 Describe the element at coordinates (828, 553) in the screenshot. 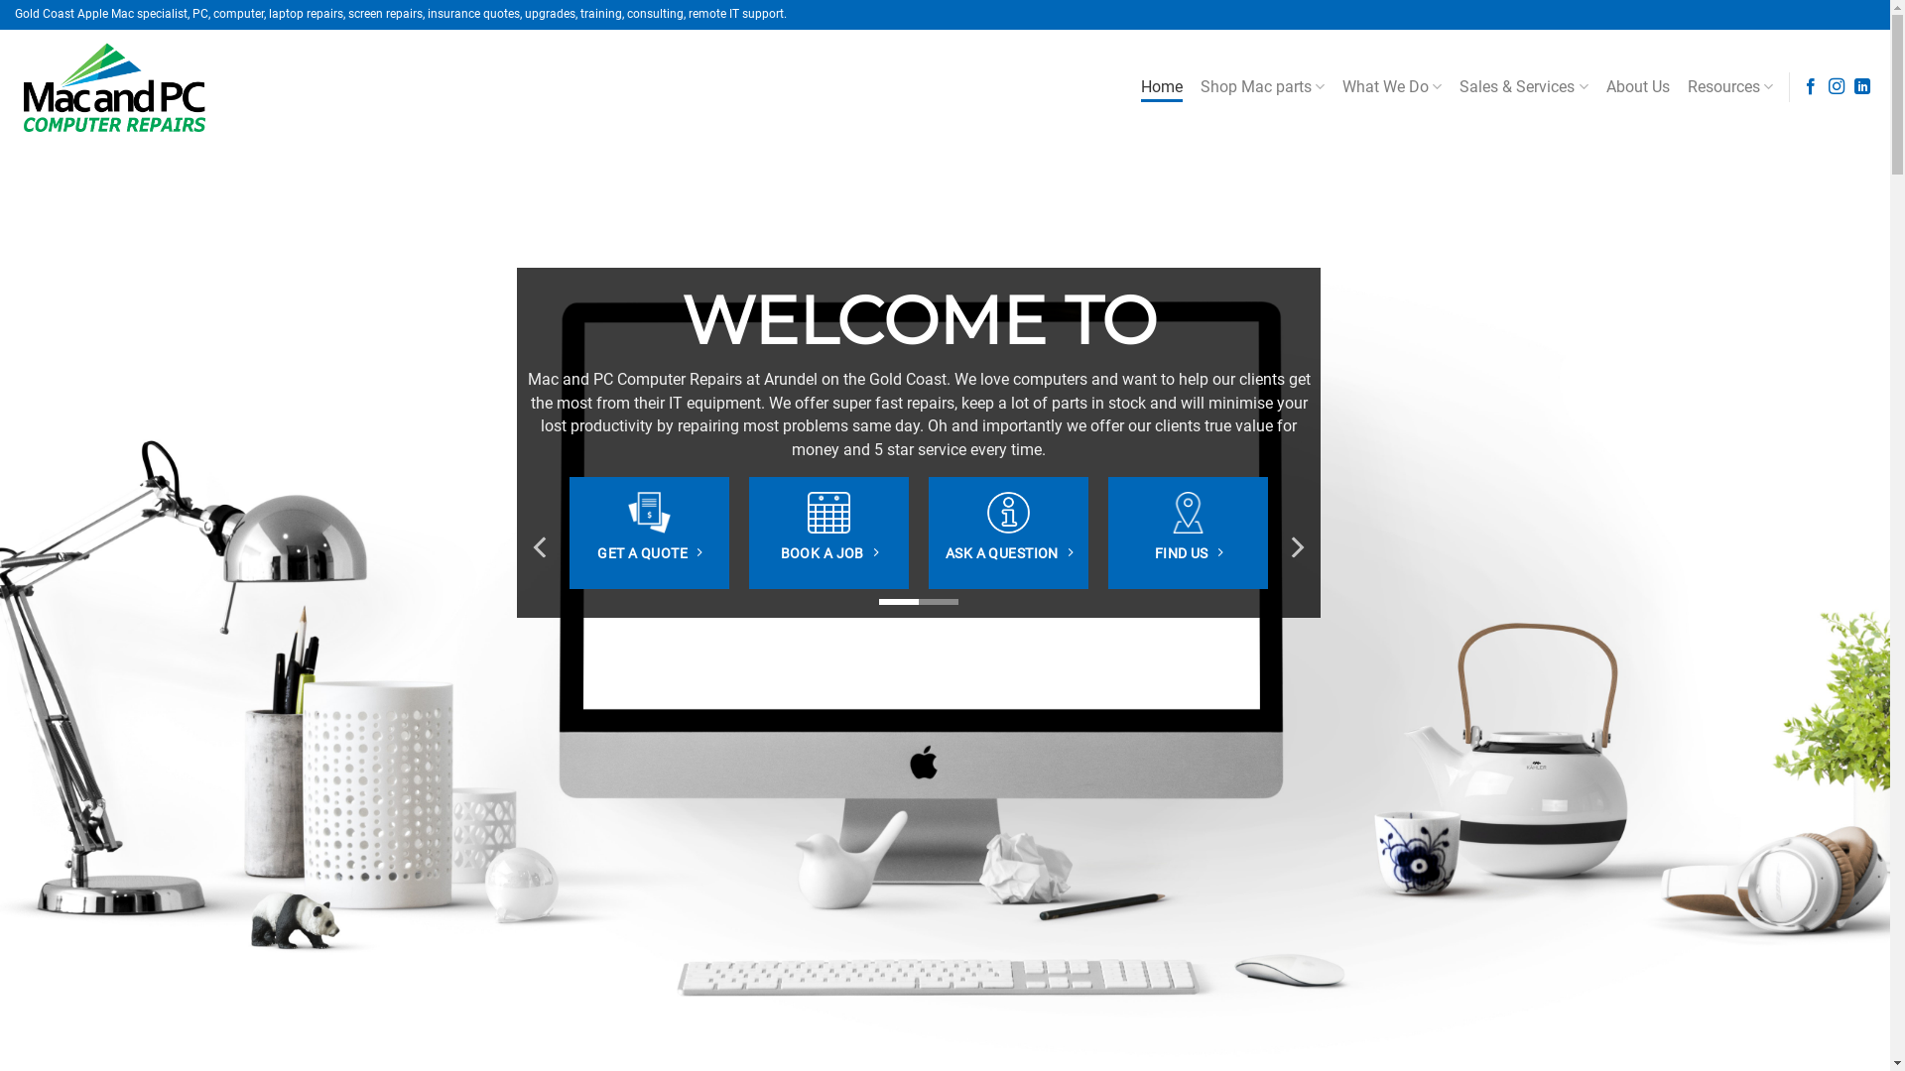

I see `'BOOK A JOB'` at that location.